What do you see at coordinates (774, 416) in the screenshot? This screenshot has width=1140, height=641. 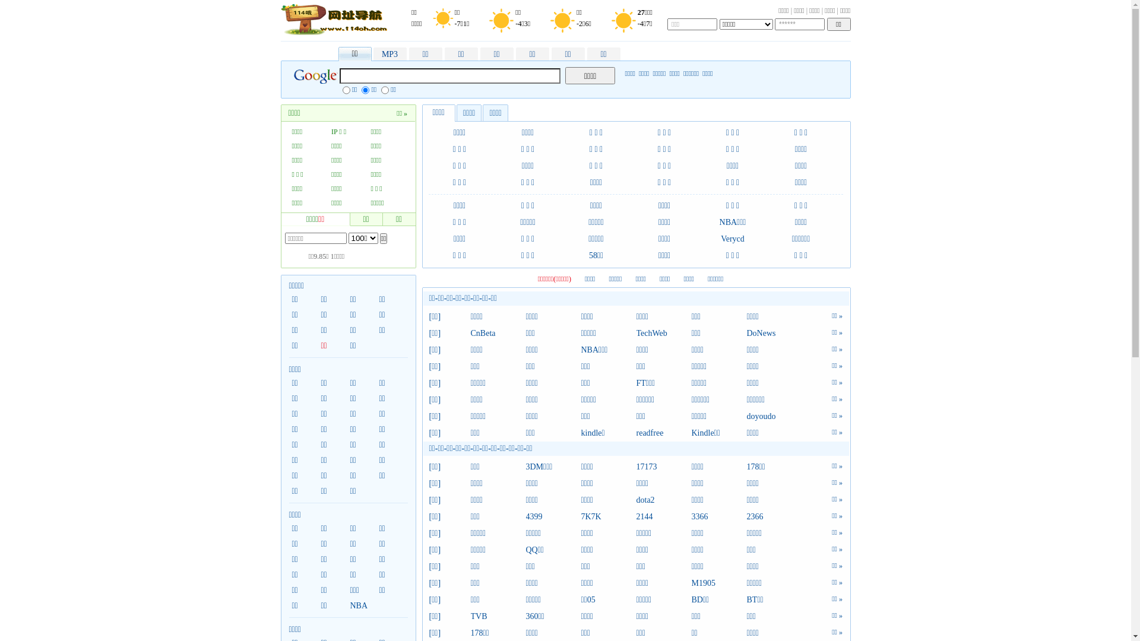 I see `'doyoudo'` at bounding box center [774, 416].